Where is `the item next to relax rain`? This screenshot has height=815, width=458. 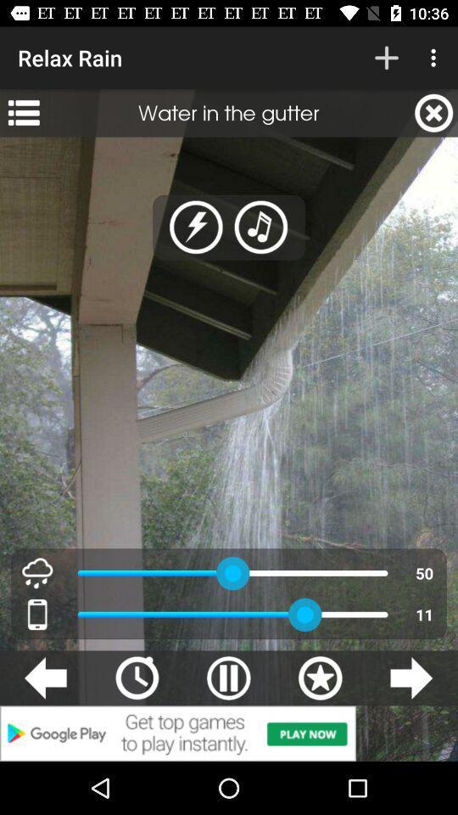 the item next to relax rain is located at coordinates (386, 58).